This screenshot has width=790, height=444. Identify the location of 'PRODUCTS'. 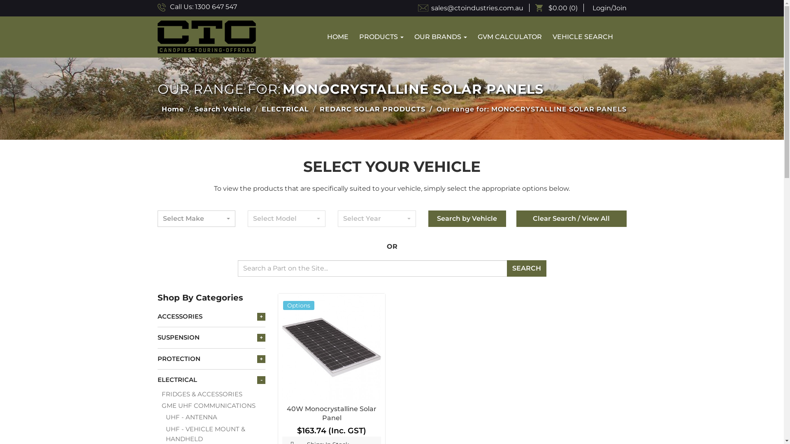
(381, 36).